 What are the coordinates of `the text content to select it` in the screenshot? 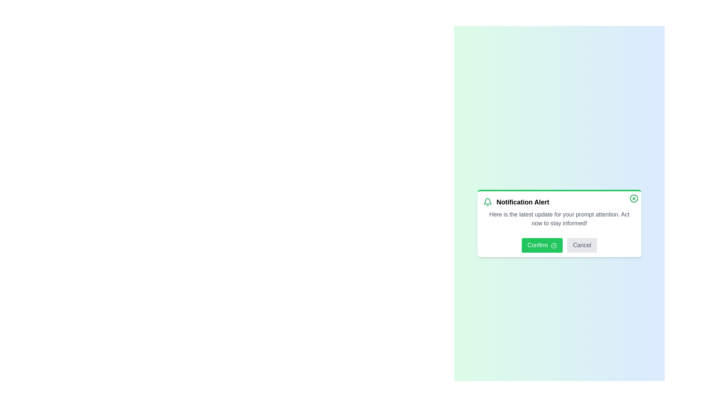 It's located at (559, 212).